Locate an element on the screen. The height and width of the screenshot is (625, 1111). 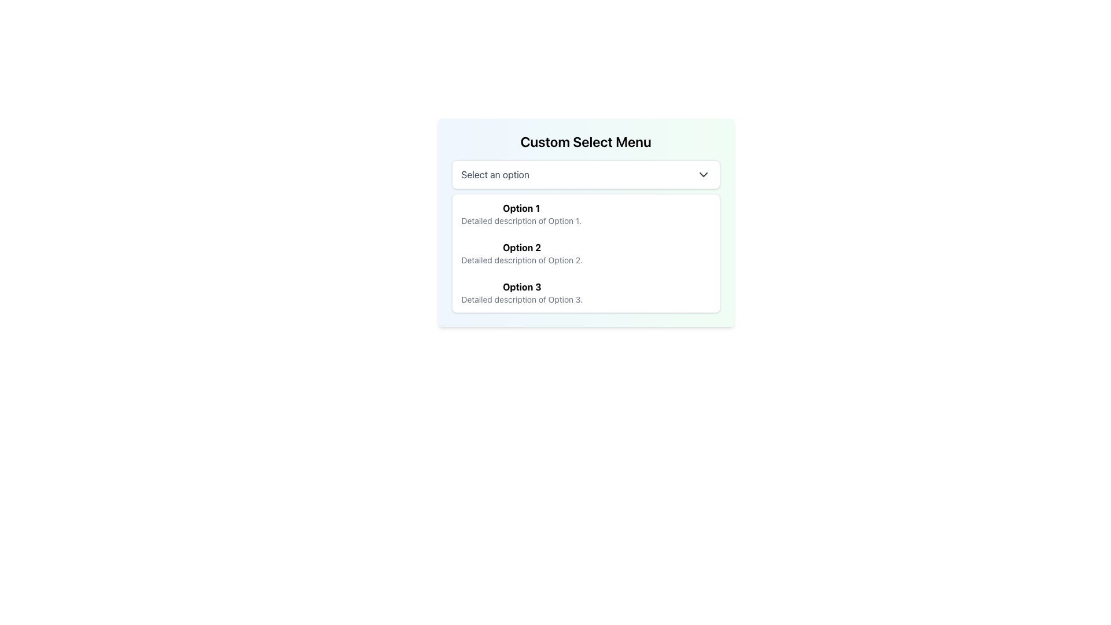
the Text Description Label that provides context for 'Option 3' in the dropdown menu, located below 'Option 3' is located at coordinates (521, 299).